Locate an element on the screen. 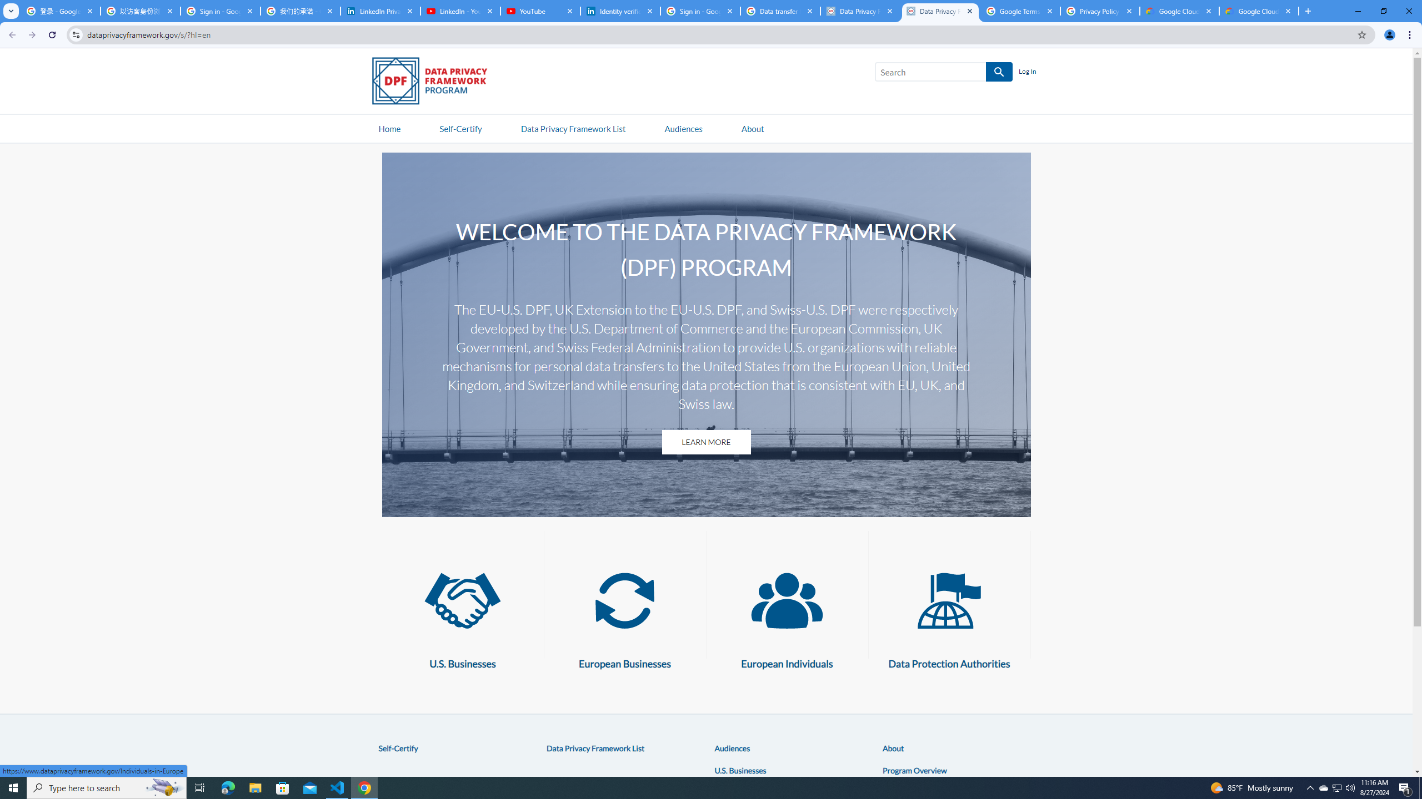  'Self-Certify' is located at coordinates (398, 747).